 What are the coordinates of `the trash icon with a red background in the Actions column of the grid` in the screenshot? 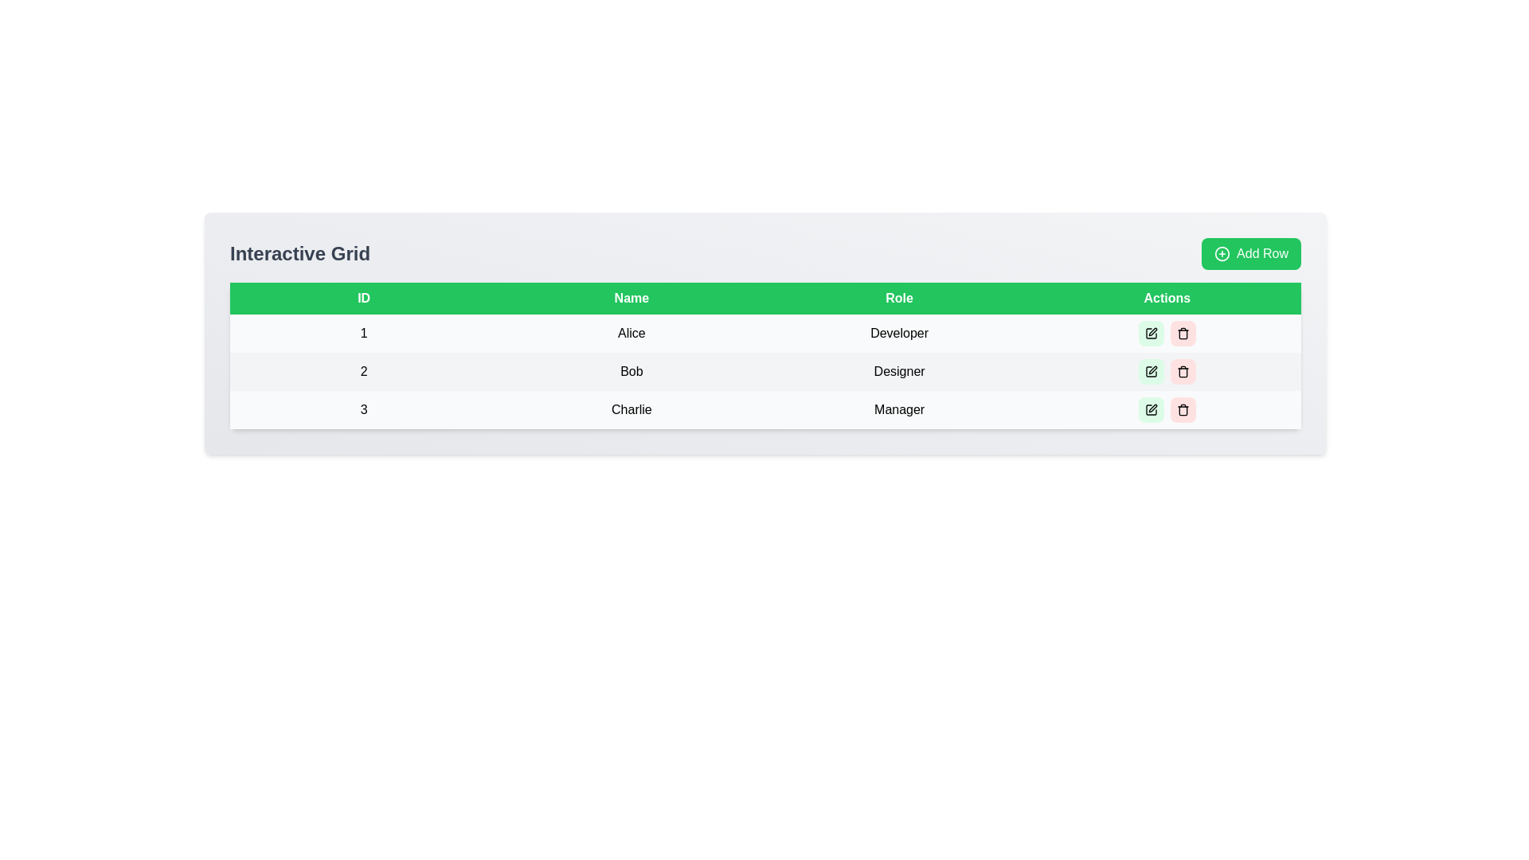 It's located at (1183, 371).